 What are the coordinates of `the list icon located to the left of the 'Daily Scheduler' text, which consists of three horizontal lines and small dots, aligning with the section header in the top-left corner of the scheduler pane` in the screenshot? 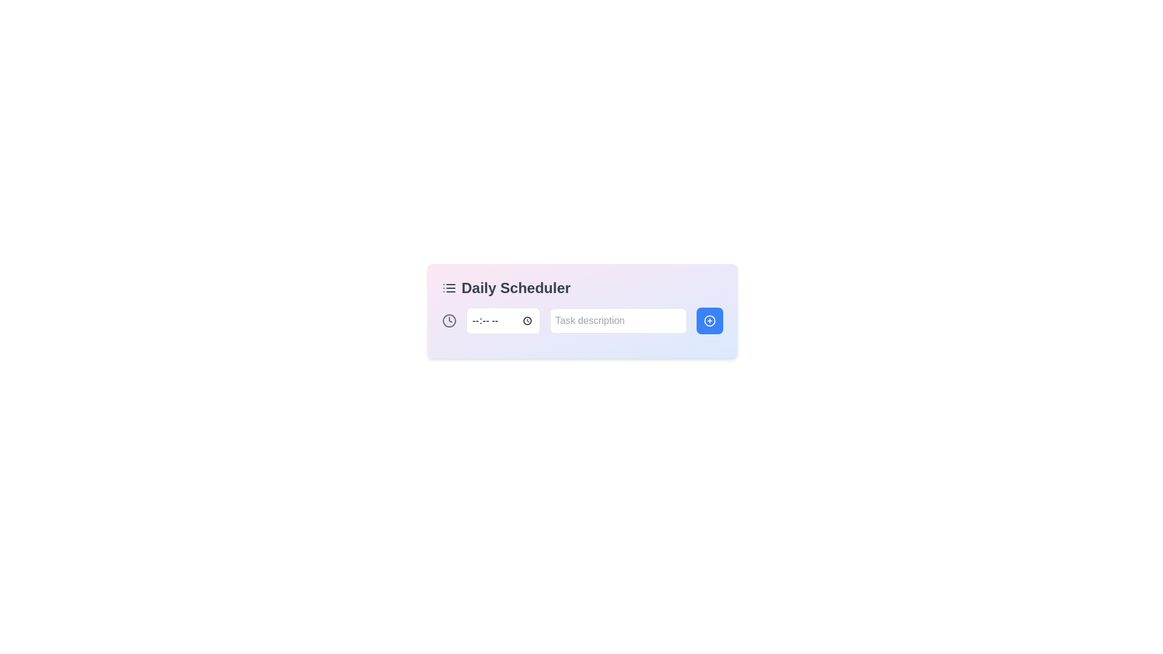 It's located at (449, 288).